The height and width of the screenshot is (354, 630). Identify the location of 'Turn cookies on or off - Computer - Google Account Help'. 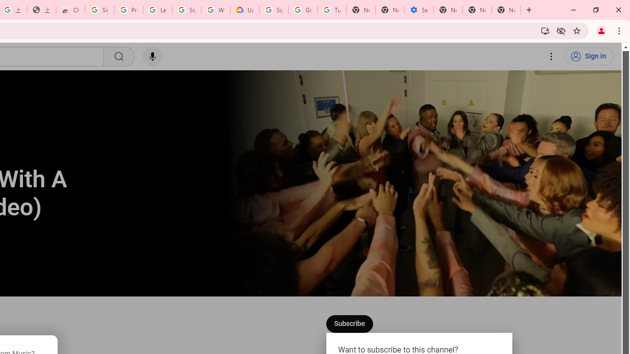
(332, 10).